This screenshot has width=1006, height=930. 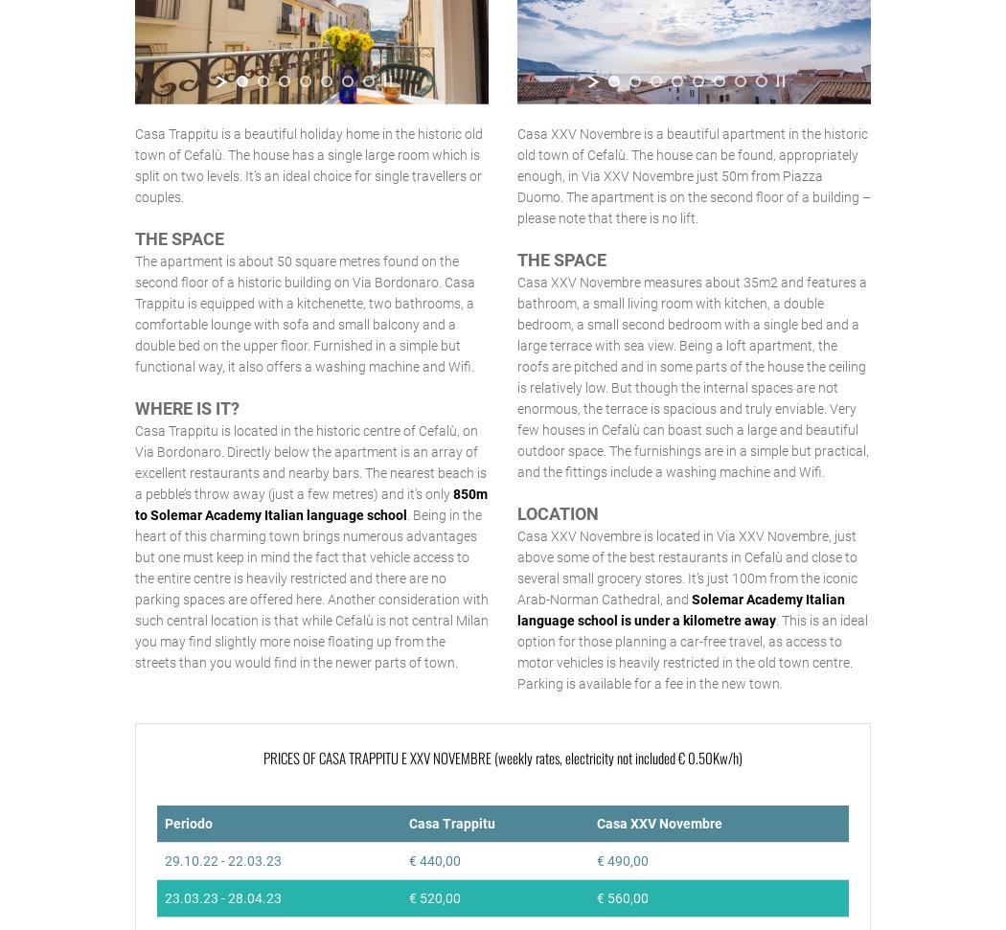 I want to click on 'The apartment is about 50 square metres found on the second floor of a historic building on Via Bordonaro. Casa Trappitu is equipped with a kitchenette, two bathrooms, a comfortable lounge with sofa and small balcony and a double bed on the upper floor. Furnished in a simple but functional way, it also offers a washing machine and Wifi.', so click(x=305, y=313).